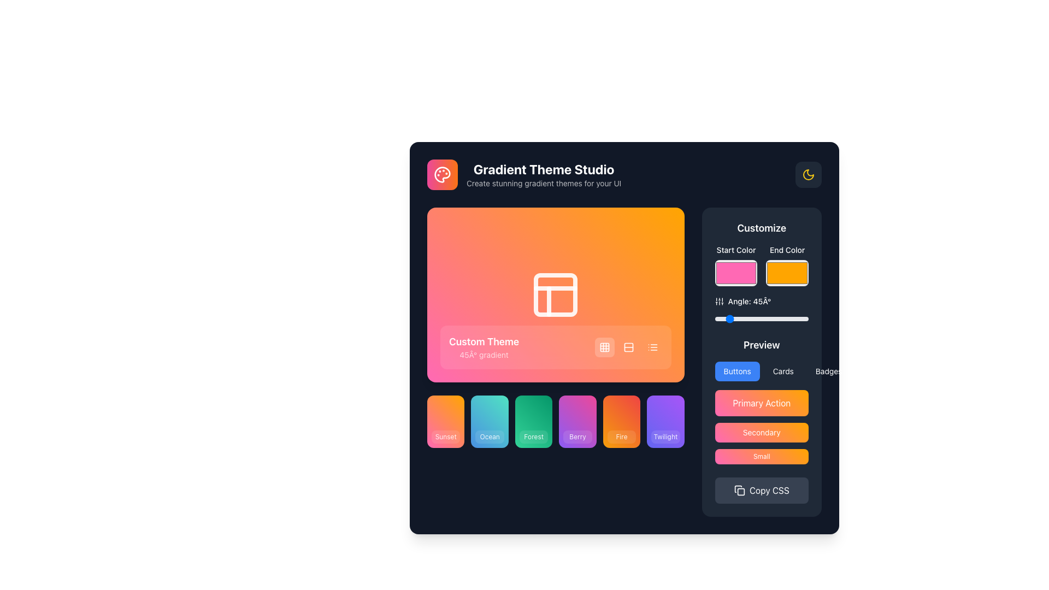 The image size is (1049, 590). I want to click on the primary action button located in the 'Preview' section of the right panel, so click(761, 403).